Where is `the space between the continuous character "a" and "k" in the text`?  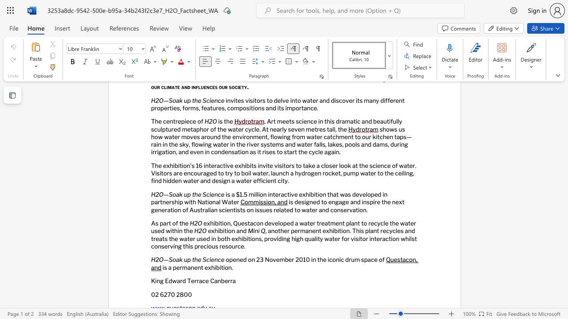
the space between the continuous character "a" and "k" in the text is located at coordinates (179, 194).